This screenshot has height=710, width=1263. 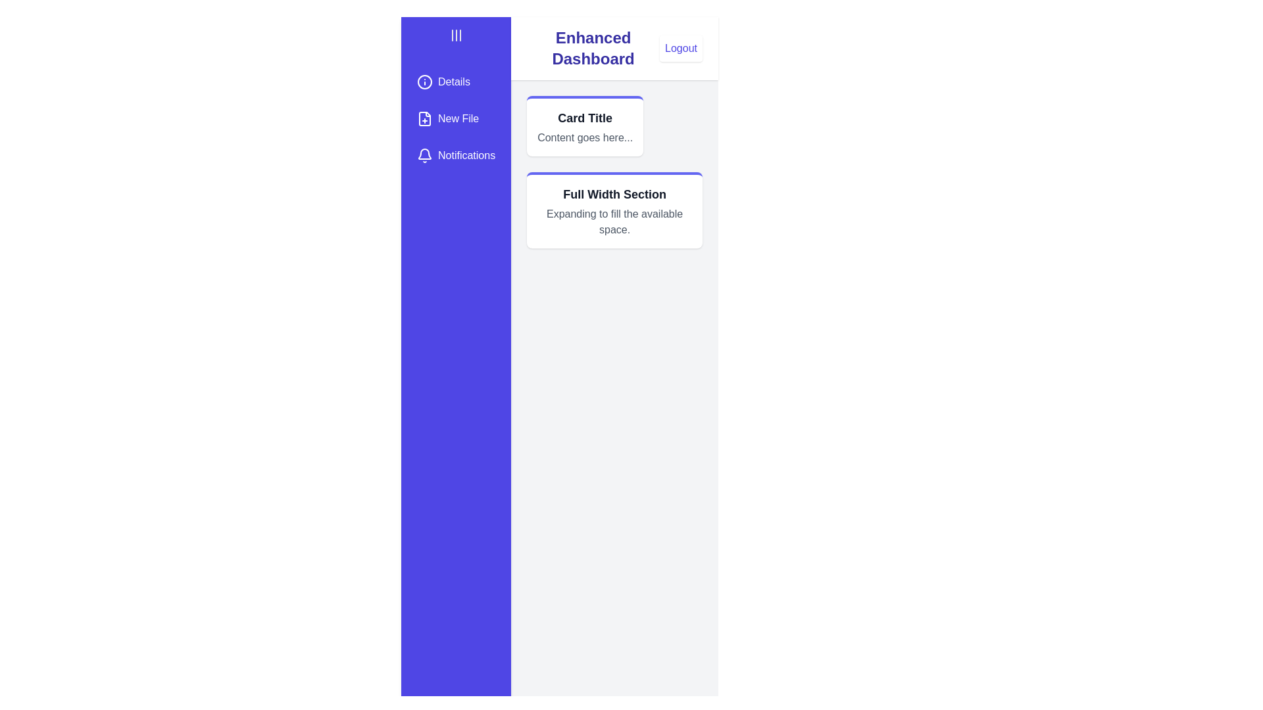 I want to click on the button in the left vertical menu panel, positioned below 'Details' and above 'Notifications', to initiate the new file creation process, so click(x=456, y=119).